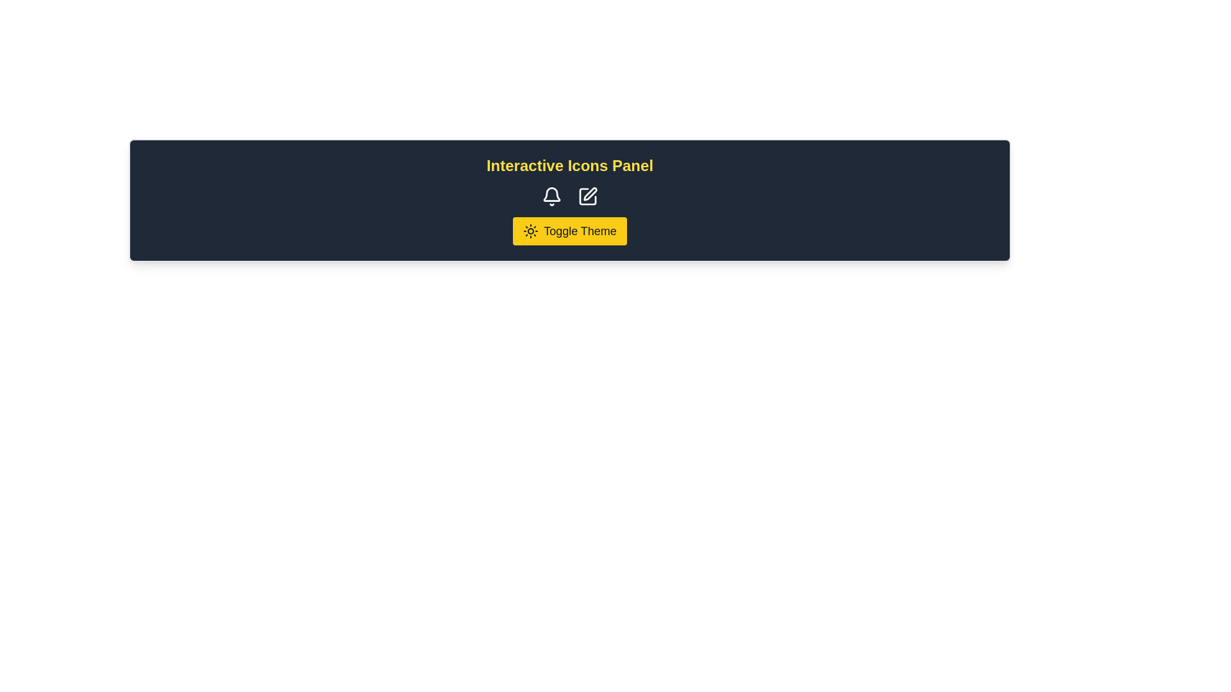 This screenshot has width=1231, height=692. What do you see at coordinates (569, 231) in the screenshot?
I see `the 'Toggle Theme' button with a yellow background and sun icon` at bounding box center [569, 231].